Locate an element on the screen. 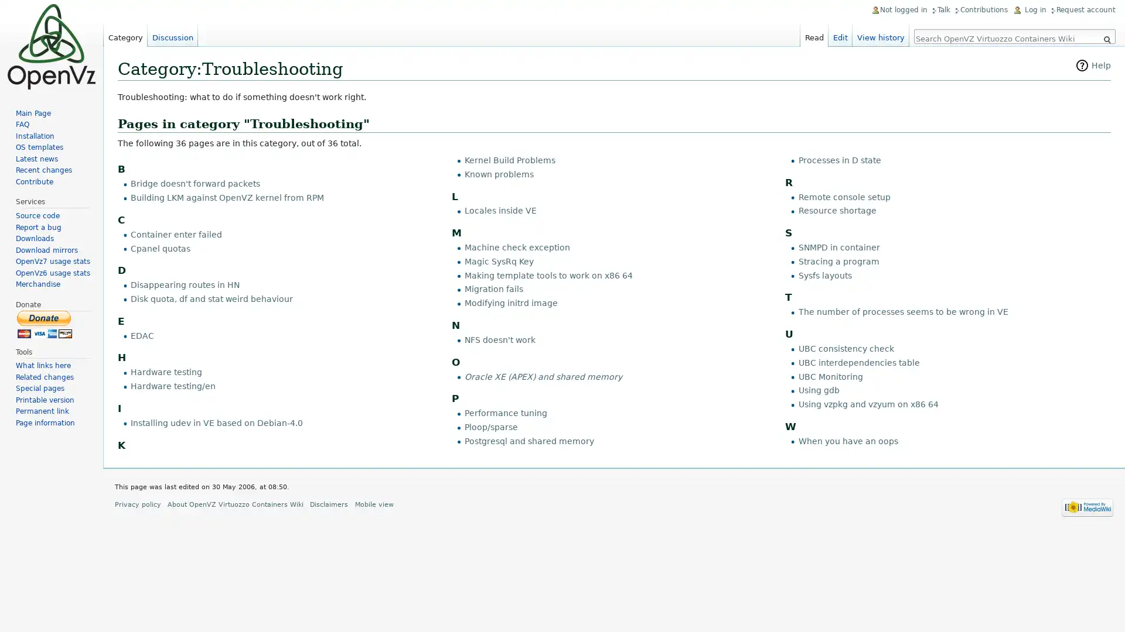 This screenshot has height=632, width=1125. Go is located at coordinates (1106, 39).